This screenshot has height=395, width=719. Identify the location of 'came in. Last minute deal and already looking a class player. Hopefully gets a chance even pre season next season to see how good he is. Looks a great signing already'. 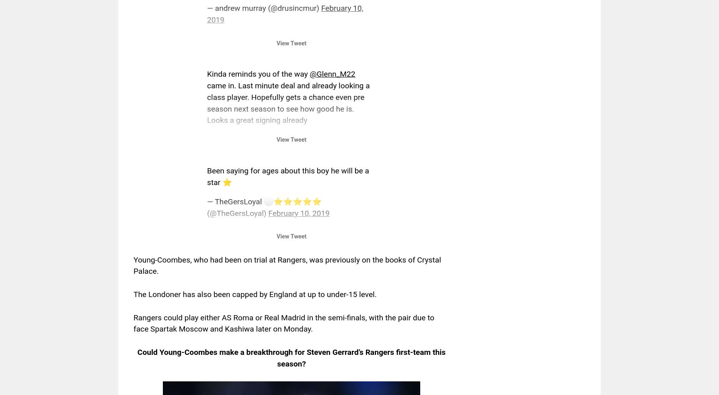
(207, 102).